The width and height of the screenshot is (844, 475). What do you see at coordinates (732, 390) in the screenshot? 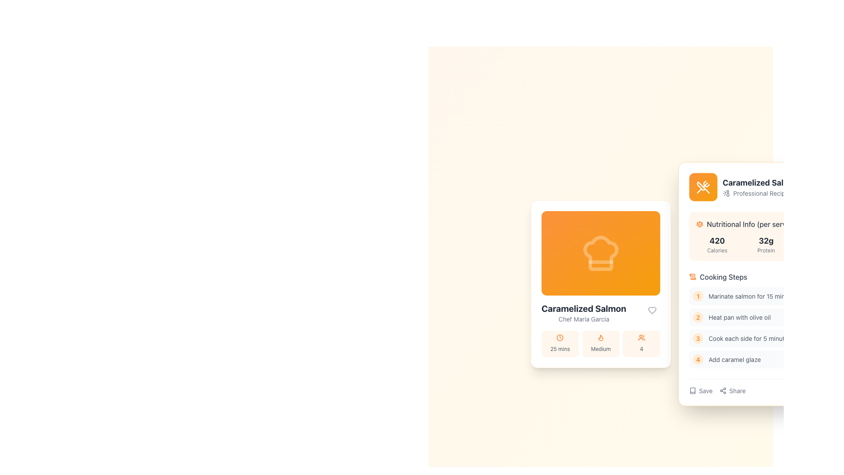
I see `the A button located at the bottom of the panel, to the right of the Save element` at bounding box center [732, 390].